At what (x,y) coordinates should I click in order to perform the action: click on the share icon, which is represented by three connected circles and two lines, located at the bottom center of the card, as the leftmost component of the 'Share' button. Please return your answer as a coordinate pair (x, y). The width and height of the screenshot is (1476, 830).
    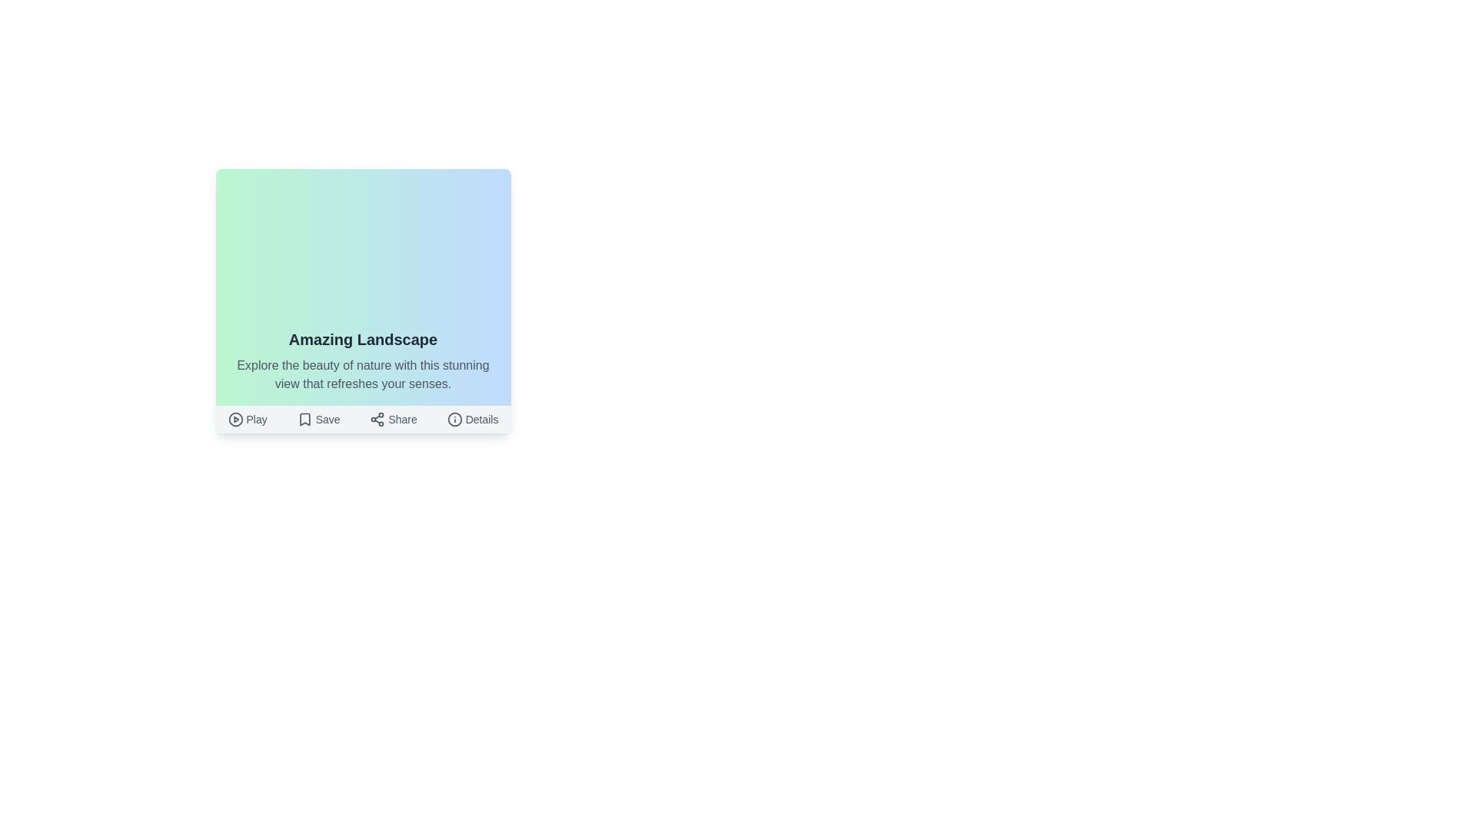
    Looking at the image, I should click on (377, 420).